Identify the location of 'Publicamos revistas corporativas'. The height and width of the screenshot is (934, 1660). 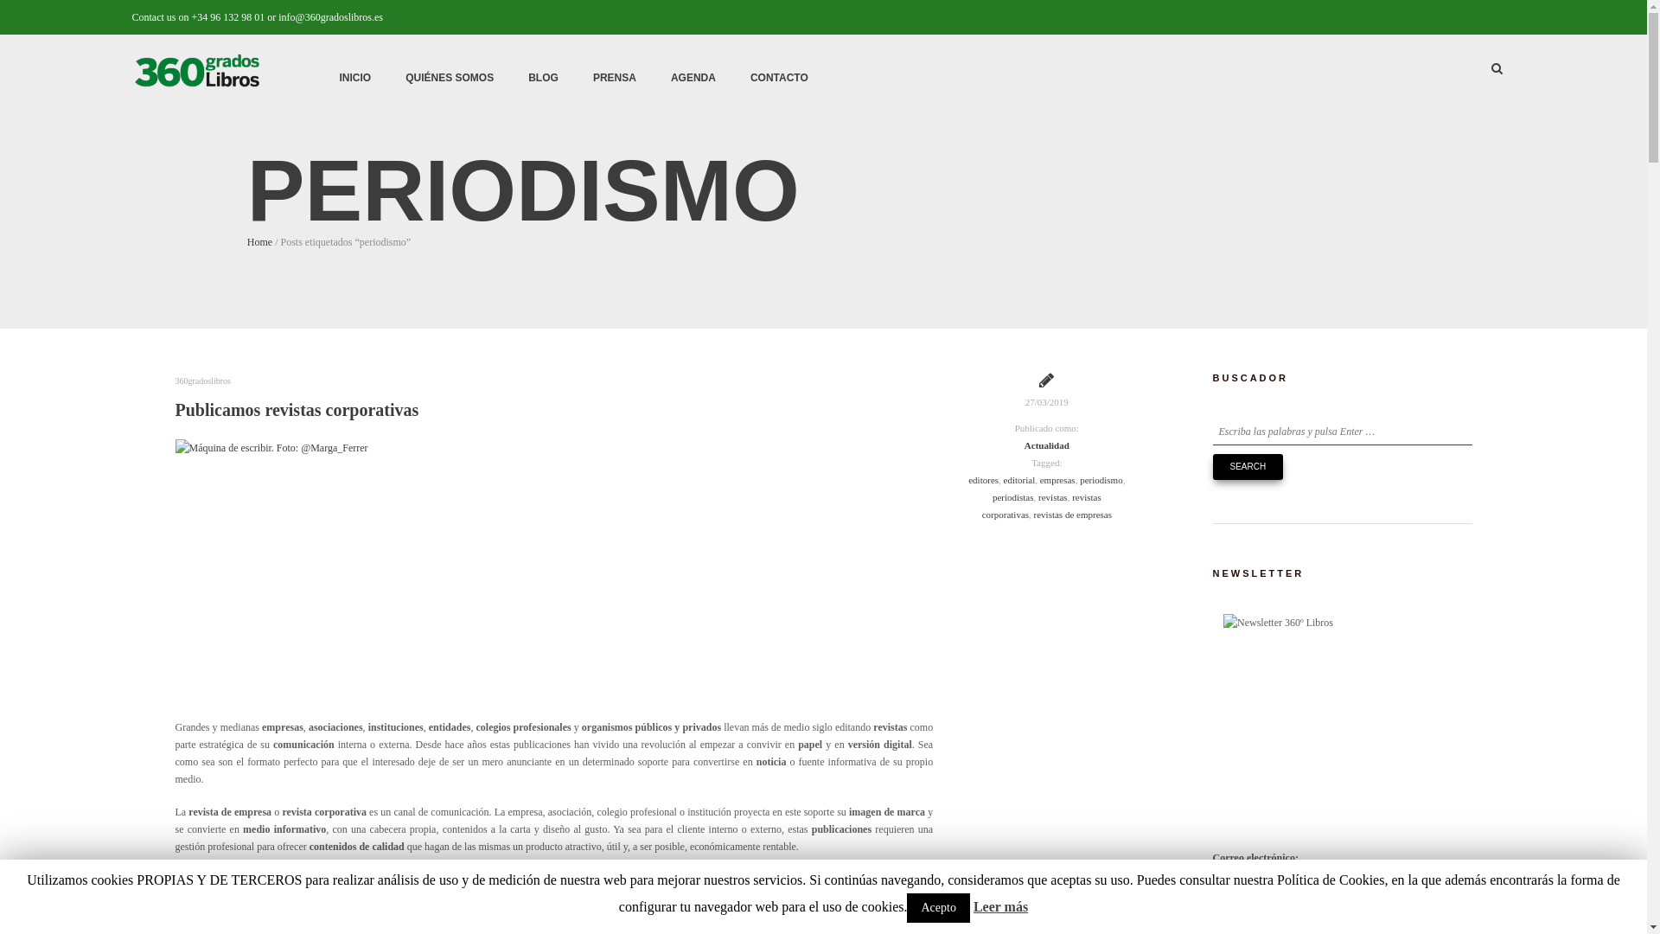
(296, 410).